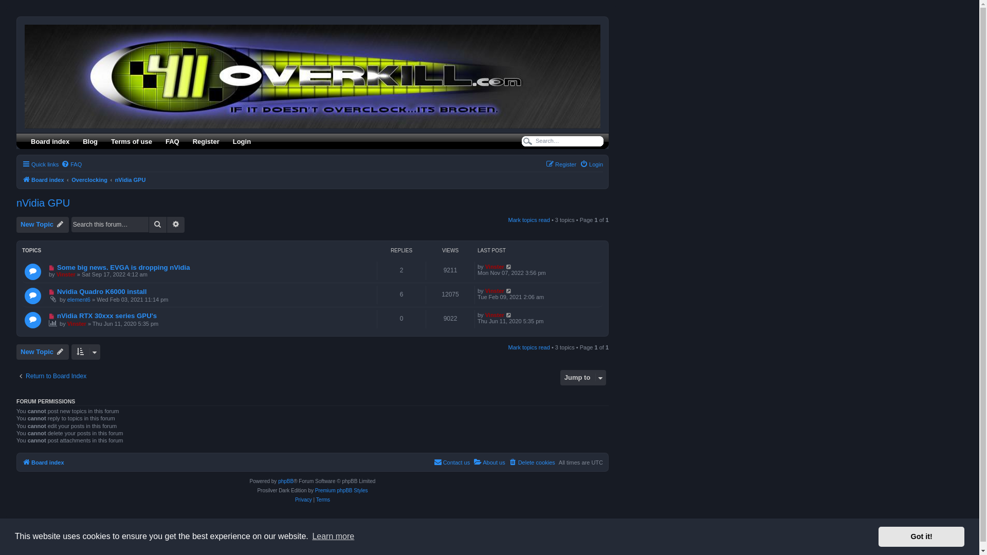 This screenshot has width=987, height=555. Describe the element at coordinates (341, 490) in the screenshot. I see `'Premium phpBB Styles'` at that location.